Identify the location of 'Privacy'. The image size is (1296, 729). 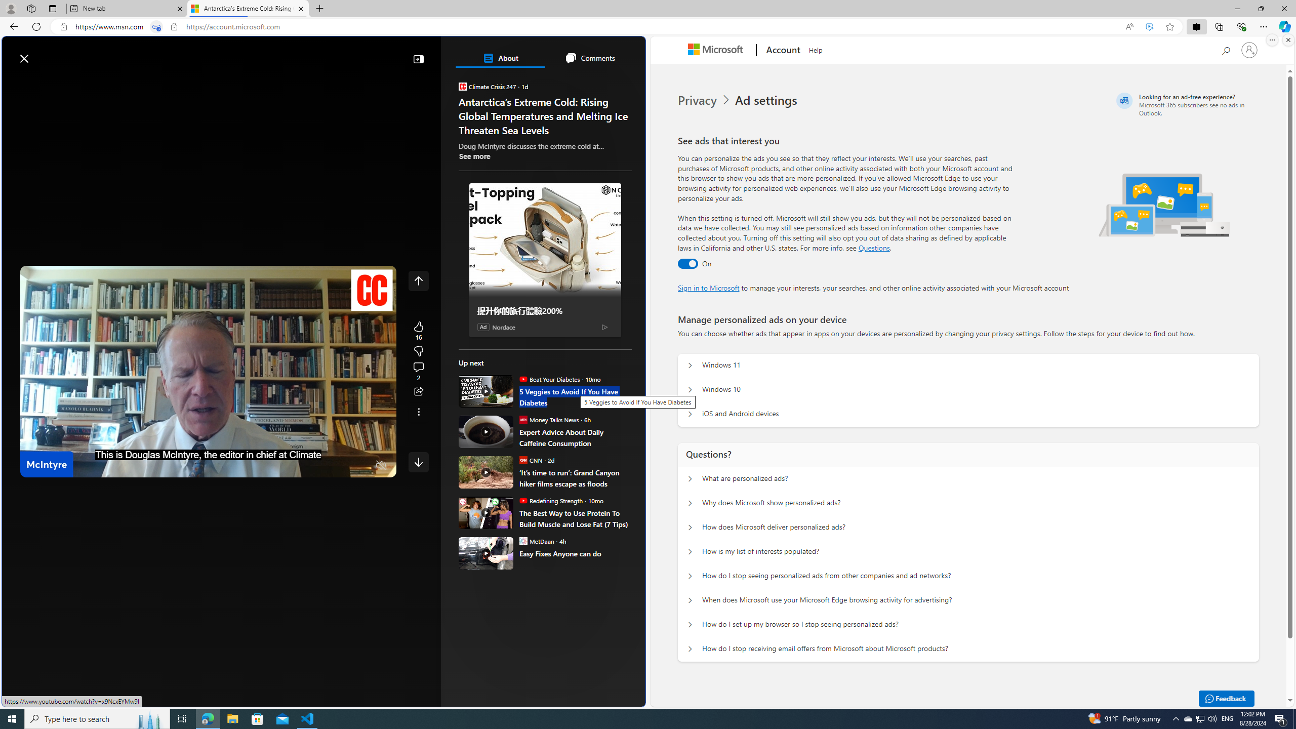
(698, 100).